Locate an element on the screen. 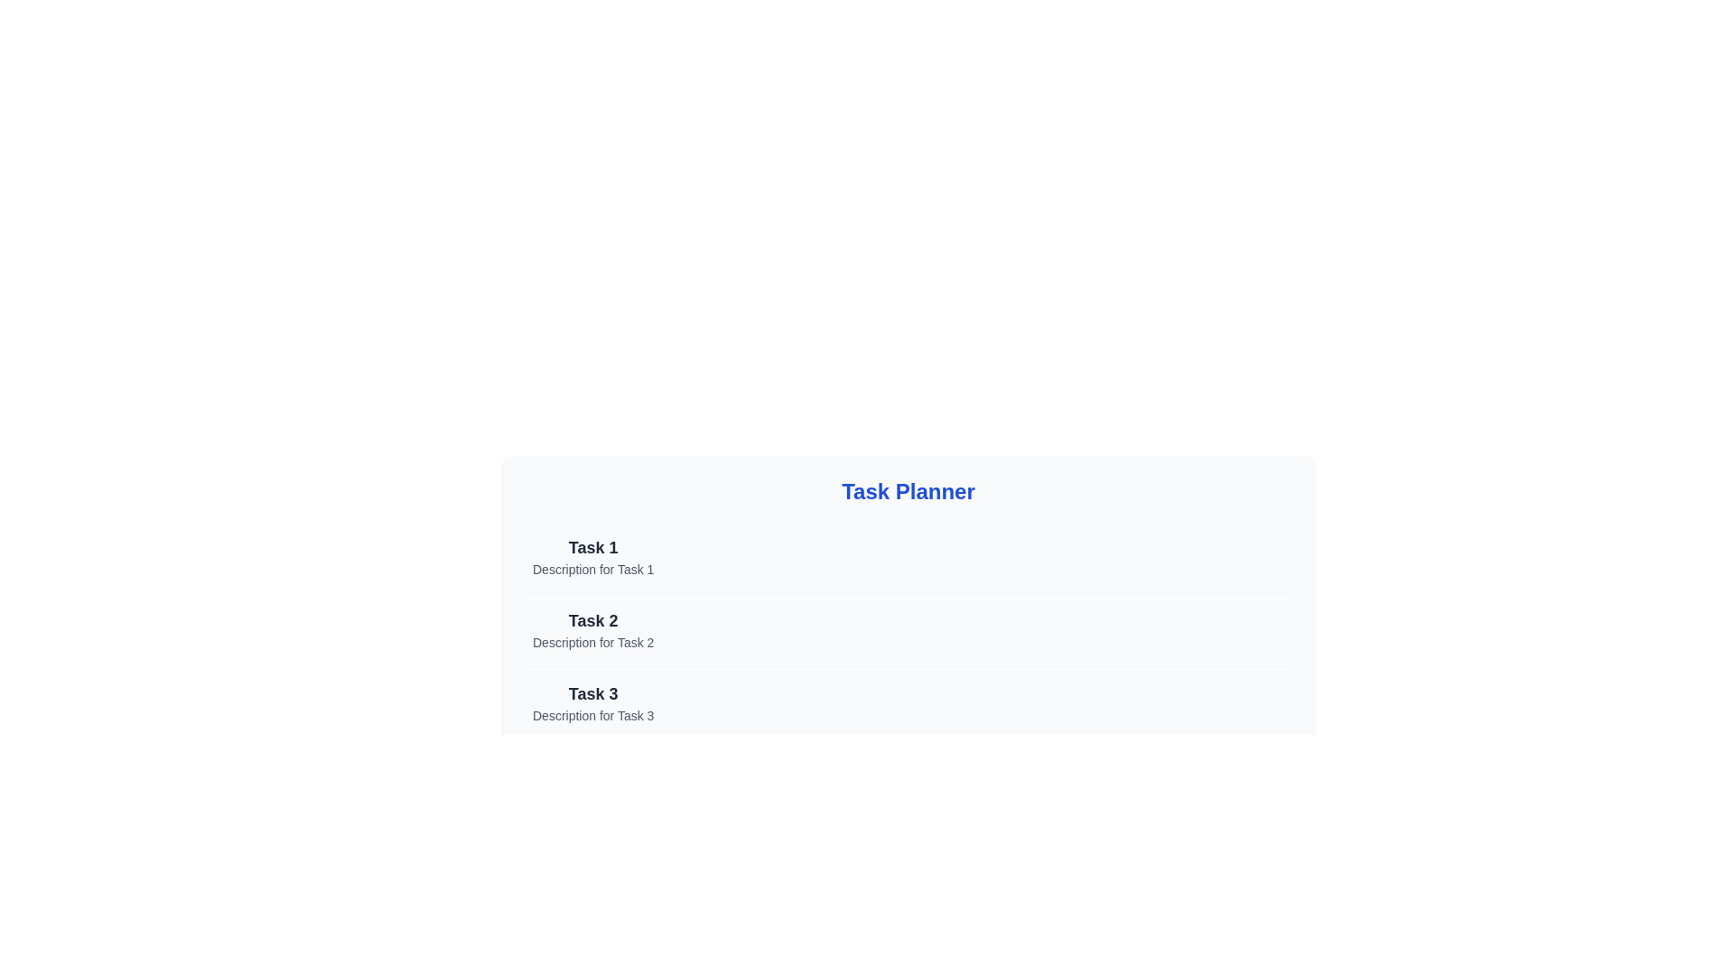 The image size is (1734, 975). text label that displays 'Task 3', which is styled in large, bold font and is dark gray in color, located near the bottom of the interface is located at coordinates (593, 692).